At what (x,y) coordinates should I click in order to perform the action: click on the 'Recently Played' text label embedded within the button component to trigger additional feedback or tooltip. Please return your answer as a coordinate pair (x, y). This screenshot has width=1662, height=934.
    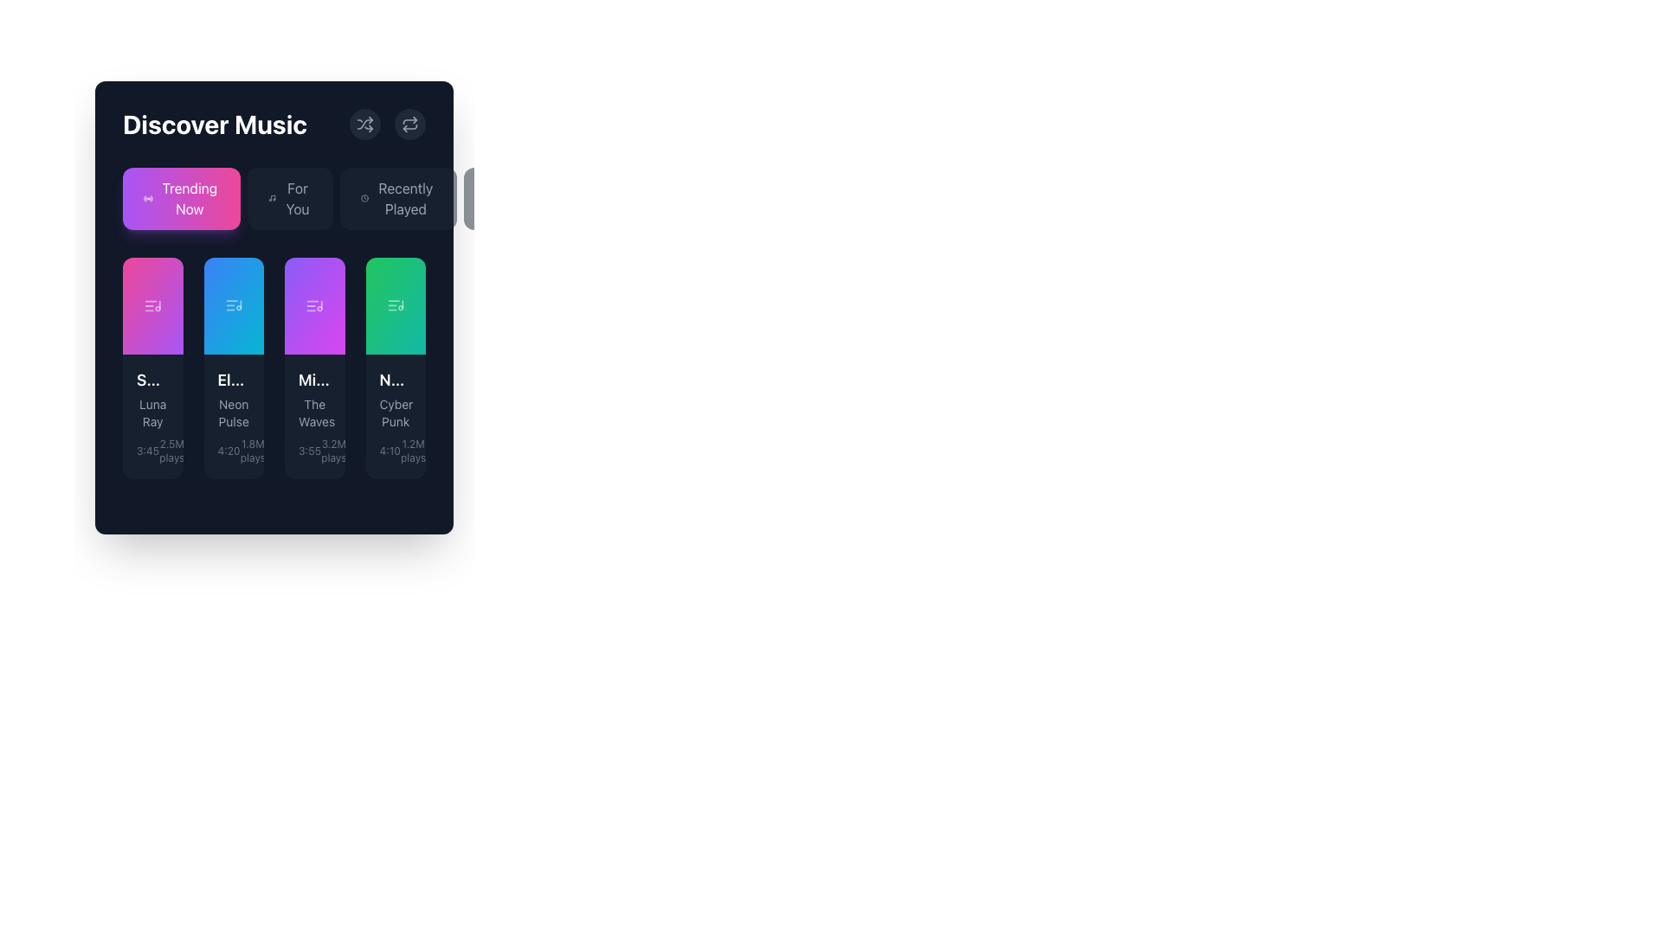
    Looking at the image, I should click on (404, 198).